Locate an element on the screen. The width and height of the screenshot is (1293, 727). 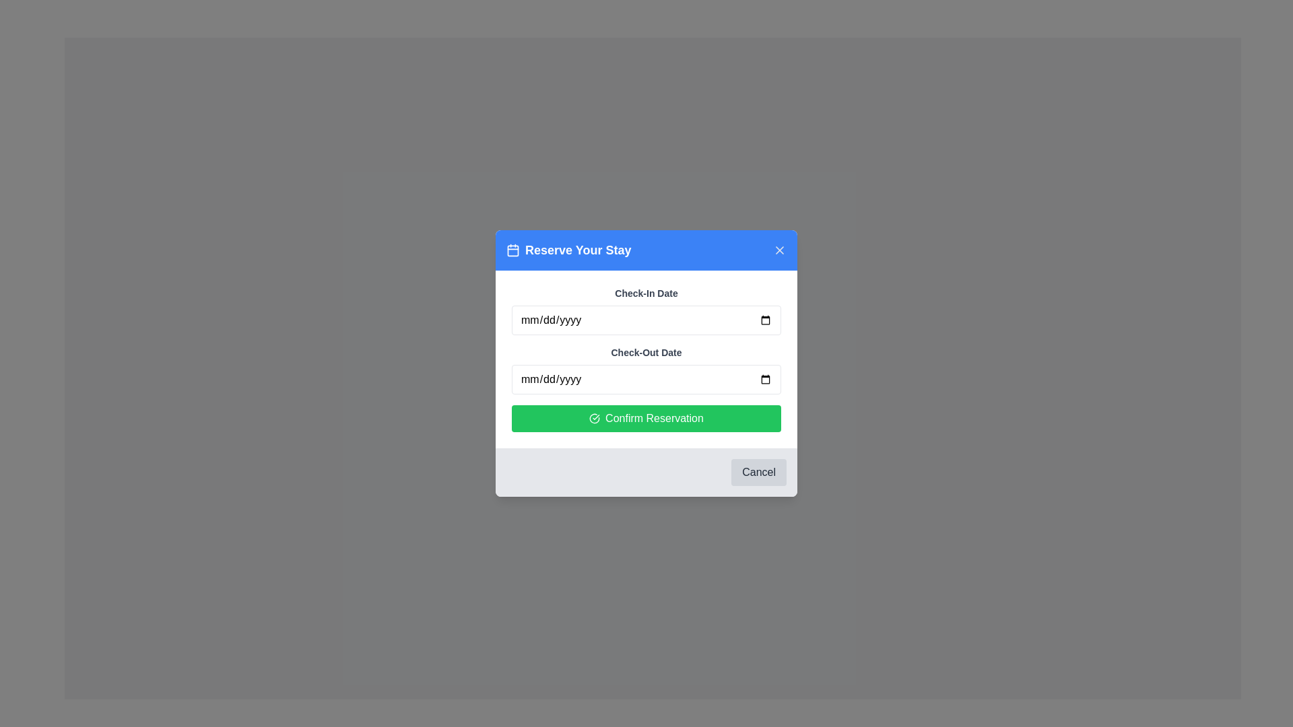
the confirmation icon located on the left side of the 'Confirm Reservation' button in the modal dialog is located at coordinates (594, 417).